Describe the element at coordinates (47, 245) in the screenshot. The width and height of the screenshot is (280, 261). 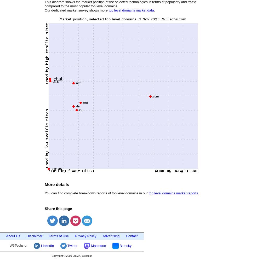
I see `'LinkedIn'` at that location.